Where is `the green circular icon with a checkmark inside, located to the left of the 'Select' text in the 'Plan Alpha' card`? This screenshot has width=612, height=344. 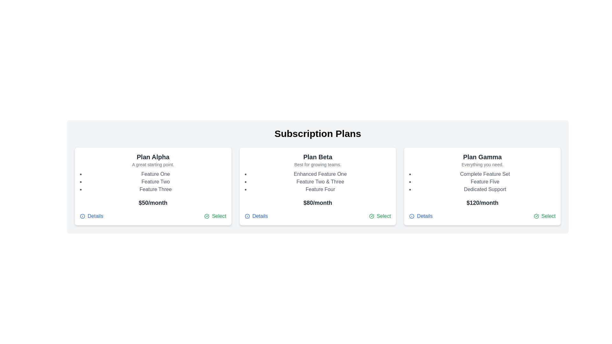
the green circular icon with a checkmark inside, located to the left of the 'Select' text in the 'Plan Alpha' card is located at coordinates (207, 216).